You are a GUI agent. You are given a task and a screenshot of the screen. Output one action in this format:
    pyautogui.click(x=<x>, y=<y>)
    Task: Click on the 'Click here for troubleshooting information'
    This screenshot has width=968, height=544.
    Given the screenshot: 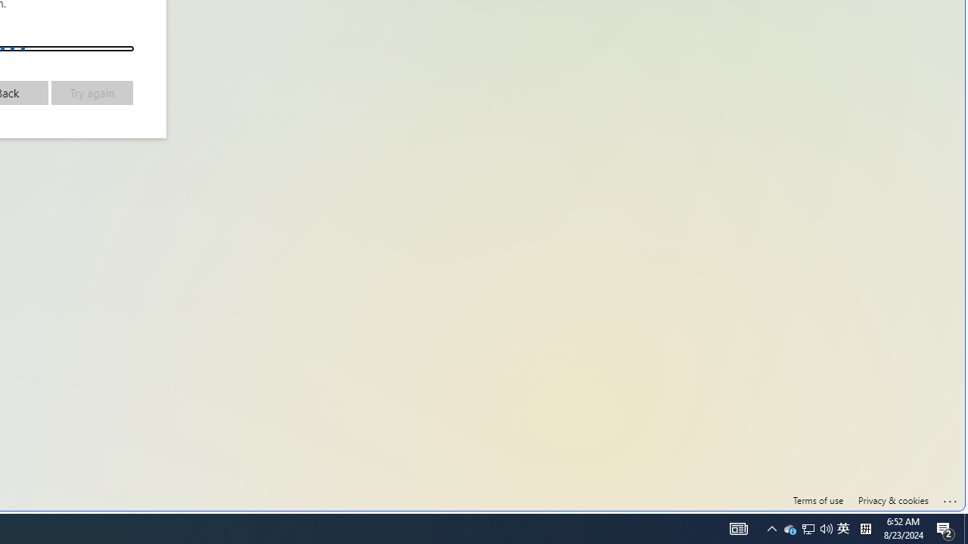 What is the action you would take?
    pyautogui.click(x=950, y=498)
    